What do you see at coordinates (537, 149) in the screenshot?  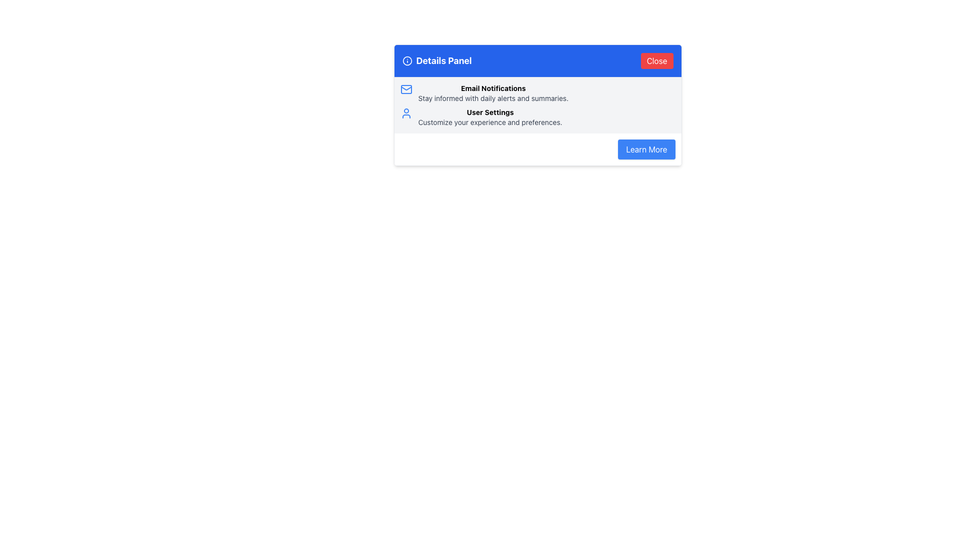 I see `the 'Learn More' button located at the bottom-right section of the information panel` at bounding box center [537, 149].